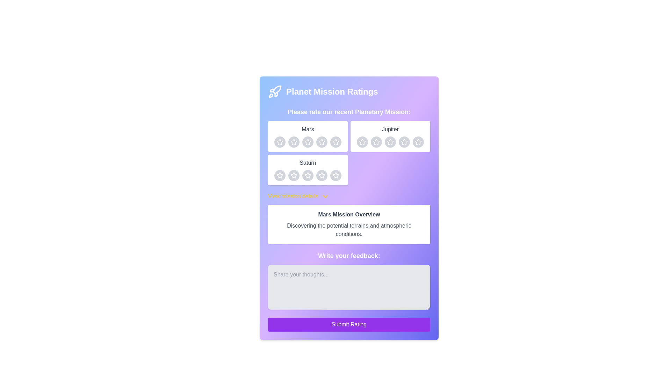 The width and height of the screenshot is (671, 377). I want to click on label 'Write your feedback:' which is a large, bold, white-colored text header located above the text input field in the lower section of the interface, so click(349, 256).